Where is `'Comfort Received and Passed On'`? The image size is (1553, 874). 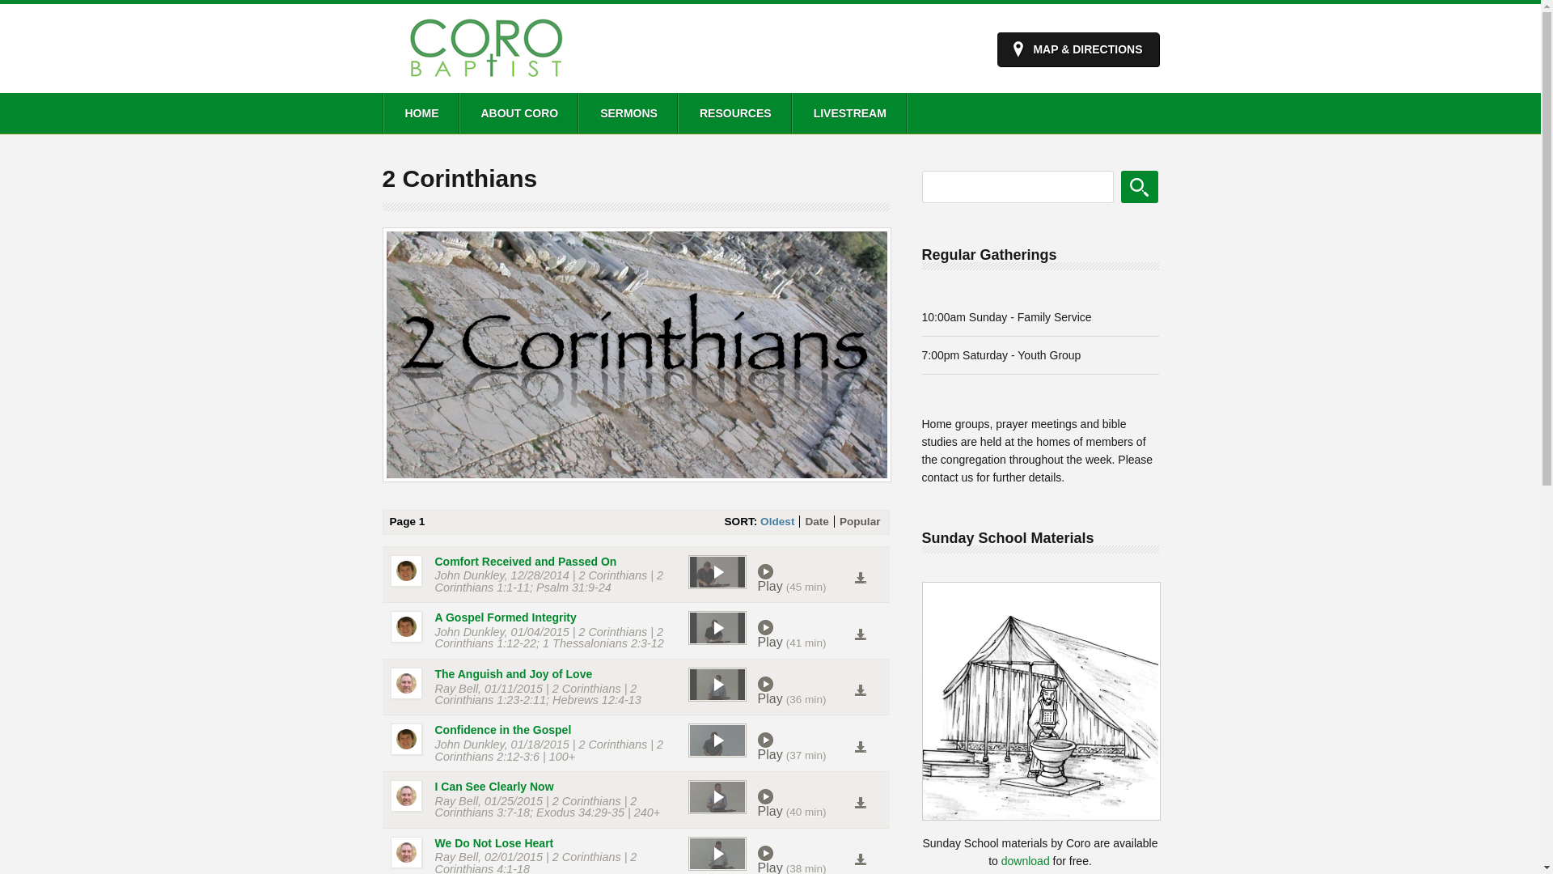 'Comfort Received and Passed On' is located at coordinates (526, 561).